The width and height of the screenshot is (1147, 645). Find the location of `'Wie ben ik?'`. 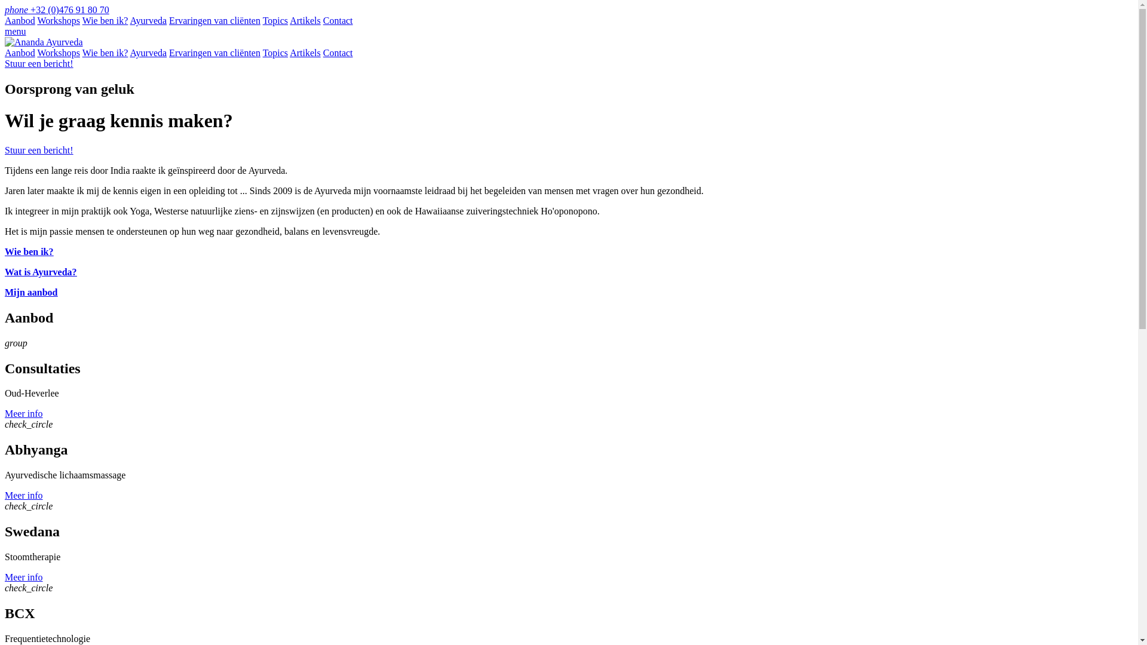

'Wie ben ik?' is located at coordinates (82, 20).